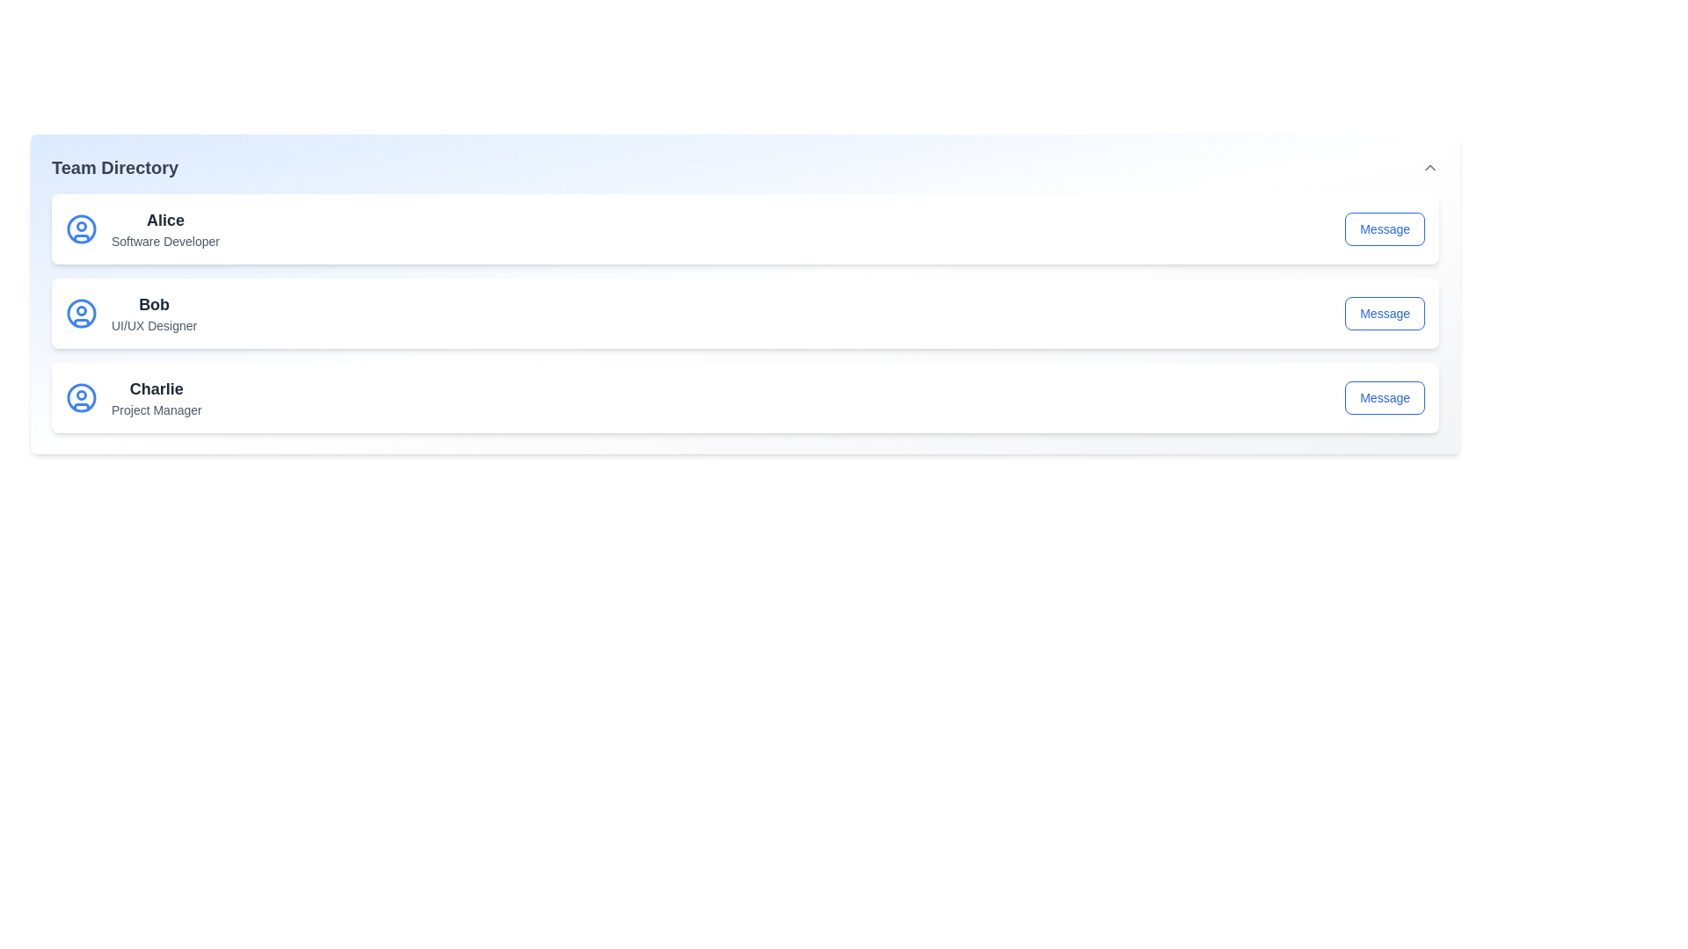 The height and width of the screenshot is (949, 1688). I want to click on the text label that indicates the role of the team member, which is 'Project Manager', located beneath the 'Charlie' text in the third section of the team directory interface, so click(156, 409).